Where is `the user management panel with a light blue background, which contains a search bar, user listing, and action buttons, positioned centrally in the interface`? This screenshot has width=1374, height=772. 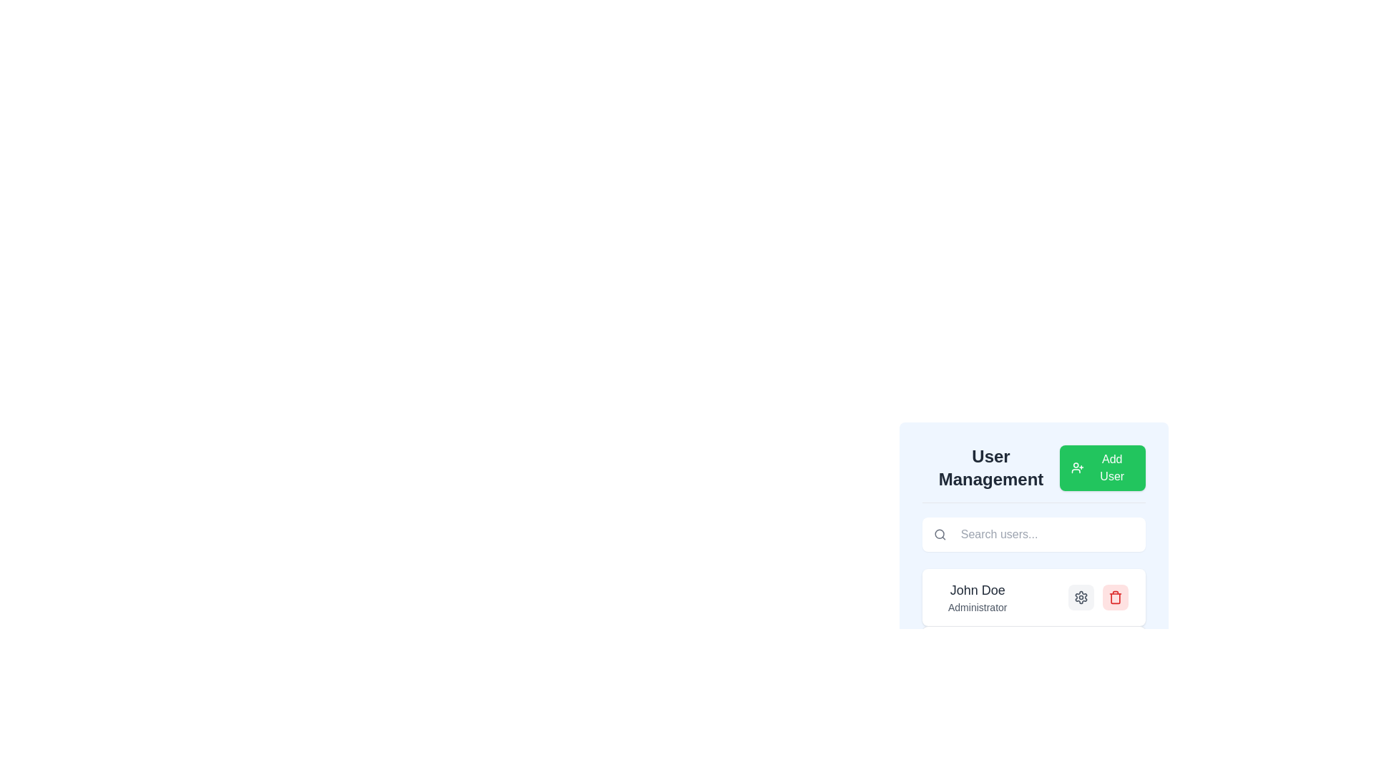
the user management panel with a light blue background, which contains a search bar, user listing, and action buttons, positioned centrally in the interface is located at coordinates (1033, 517).